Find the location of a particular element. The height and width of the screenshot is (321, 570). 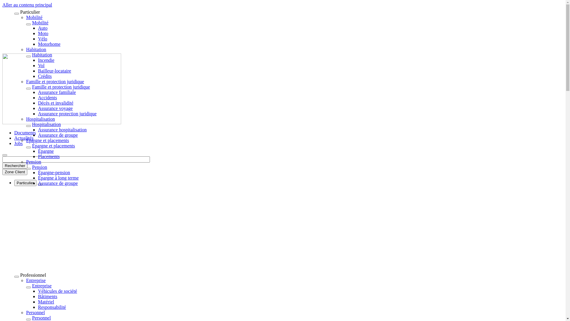

'Assurance protection juridique' is located at coordinates (67, 114).